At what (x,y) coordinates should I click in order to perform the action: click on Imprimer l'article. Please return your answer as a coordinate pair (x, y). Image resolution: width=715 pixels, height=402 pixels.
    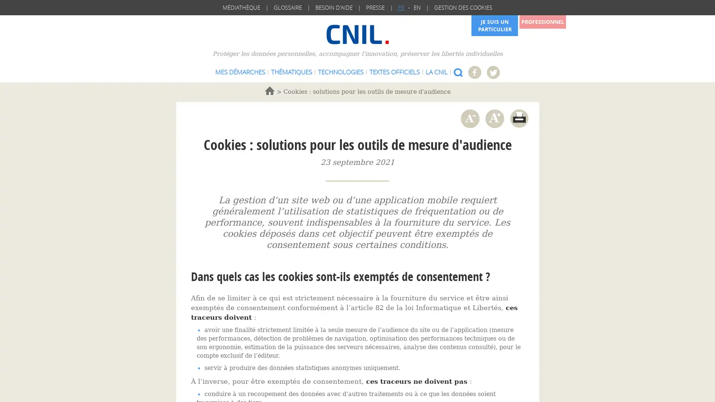
    Looking at the image, I should click on (518, 118).